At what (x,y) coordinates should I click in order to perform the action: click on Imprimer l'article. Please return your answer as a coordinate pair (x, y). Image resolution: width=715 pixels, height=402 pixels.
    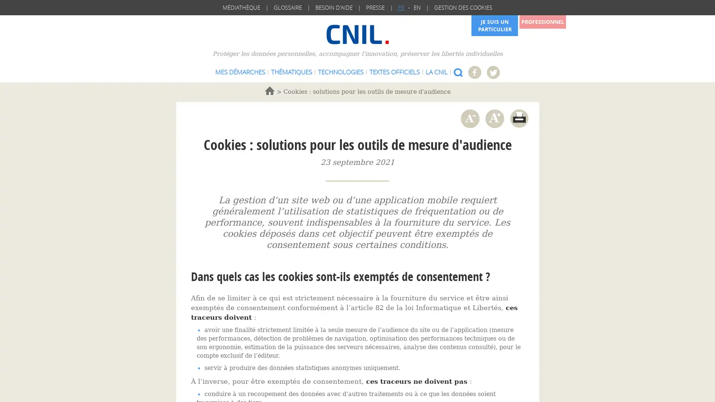
    Looking at the image, I should click on (518, 118).